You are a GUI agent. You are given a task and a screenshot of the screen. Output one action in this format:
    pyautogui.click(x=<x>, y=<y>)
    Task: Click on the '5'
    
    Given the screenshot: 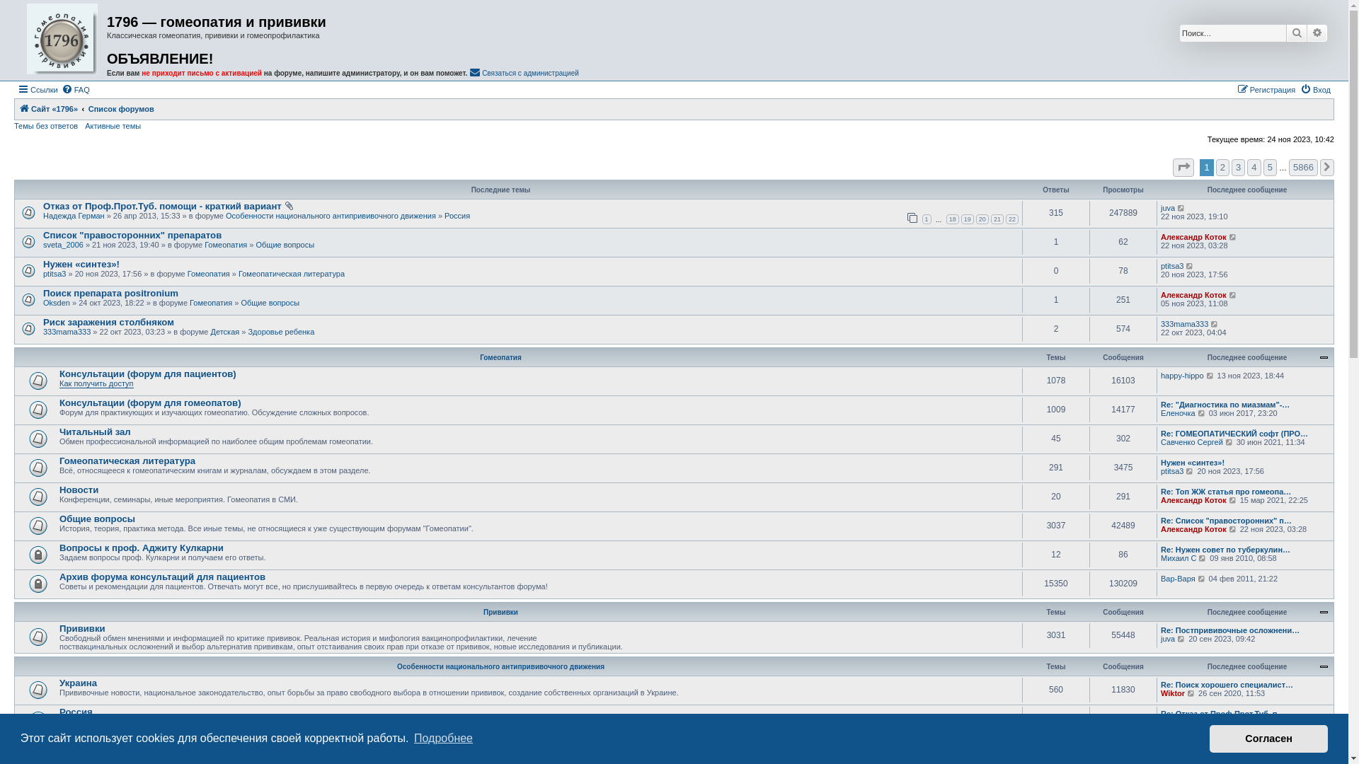 What is the action you would take?
    pyautogui.click(x=1270, y=166)
    